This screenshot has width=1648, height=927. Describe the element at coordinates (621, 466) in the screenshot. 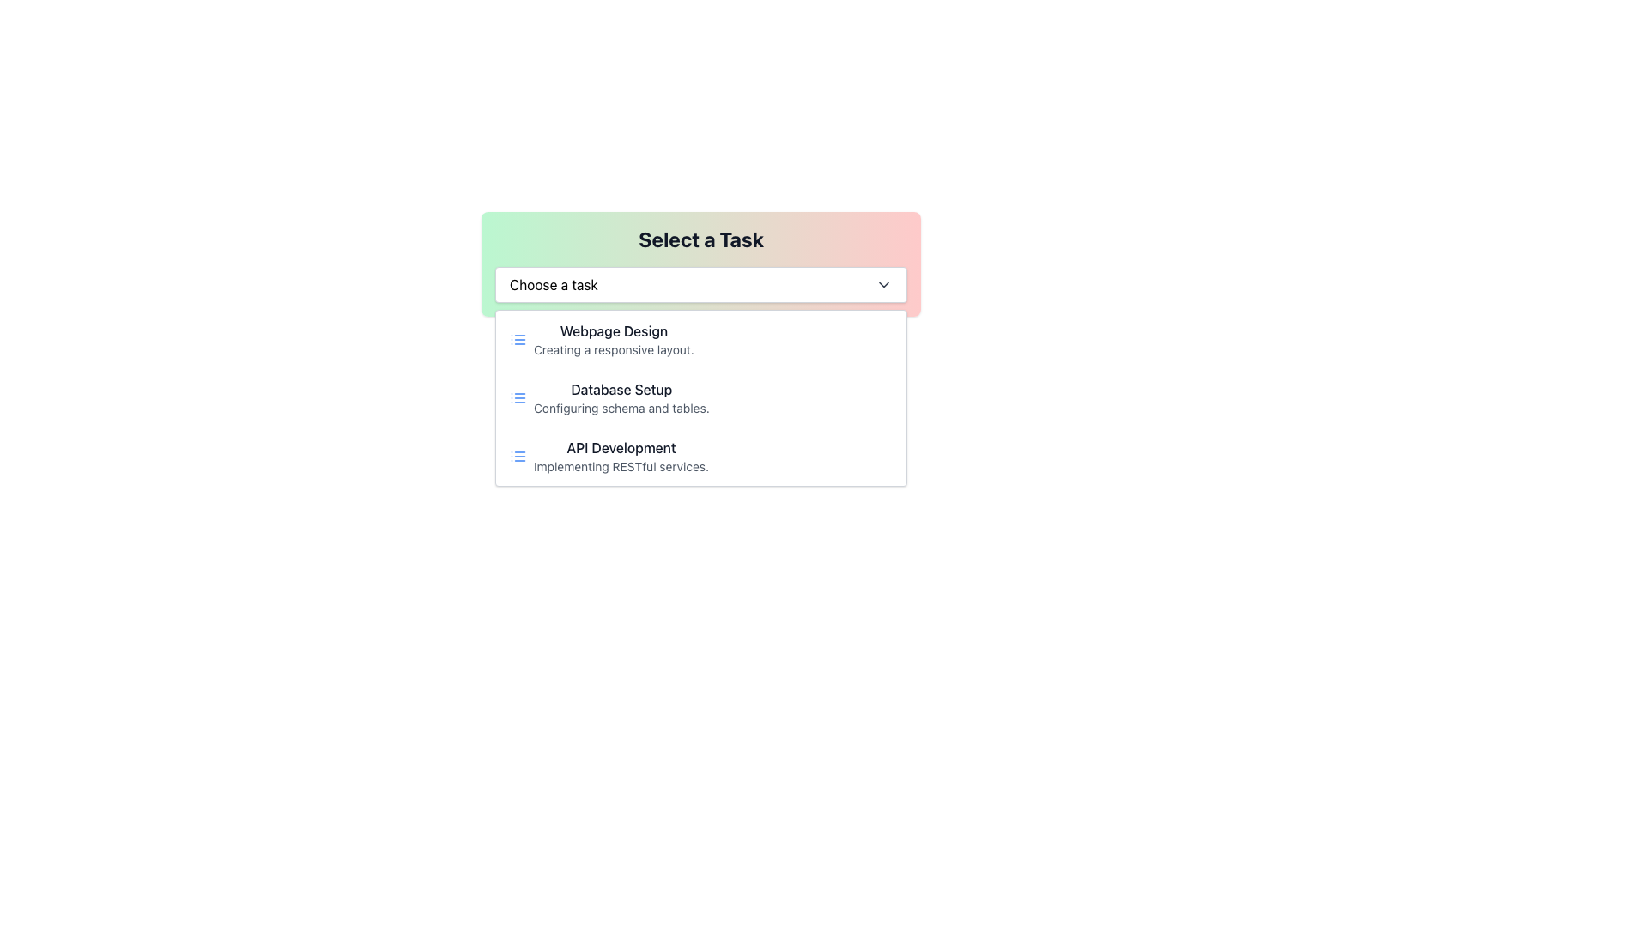

I see `the text label saying 'Implementing RESTful services.' located below the 'API Development' heading in the dropdown interface` at that location.